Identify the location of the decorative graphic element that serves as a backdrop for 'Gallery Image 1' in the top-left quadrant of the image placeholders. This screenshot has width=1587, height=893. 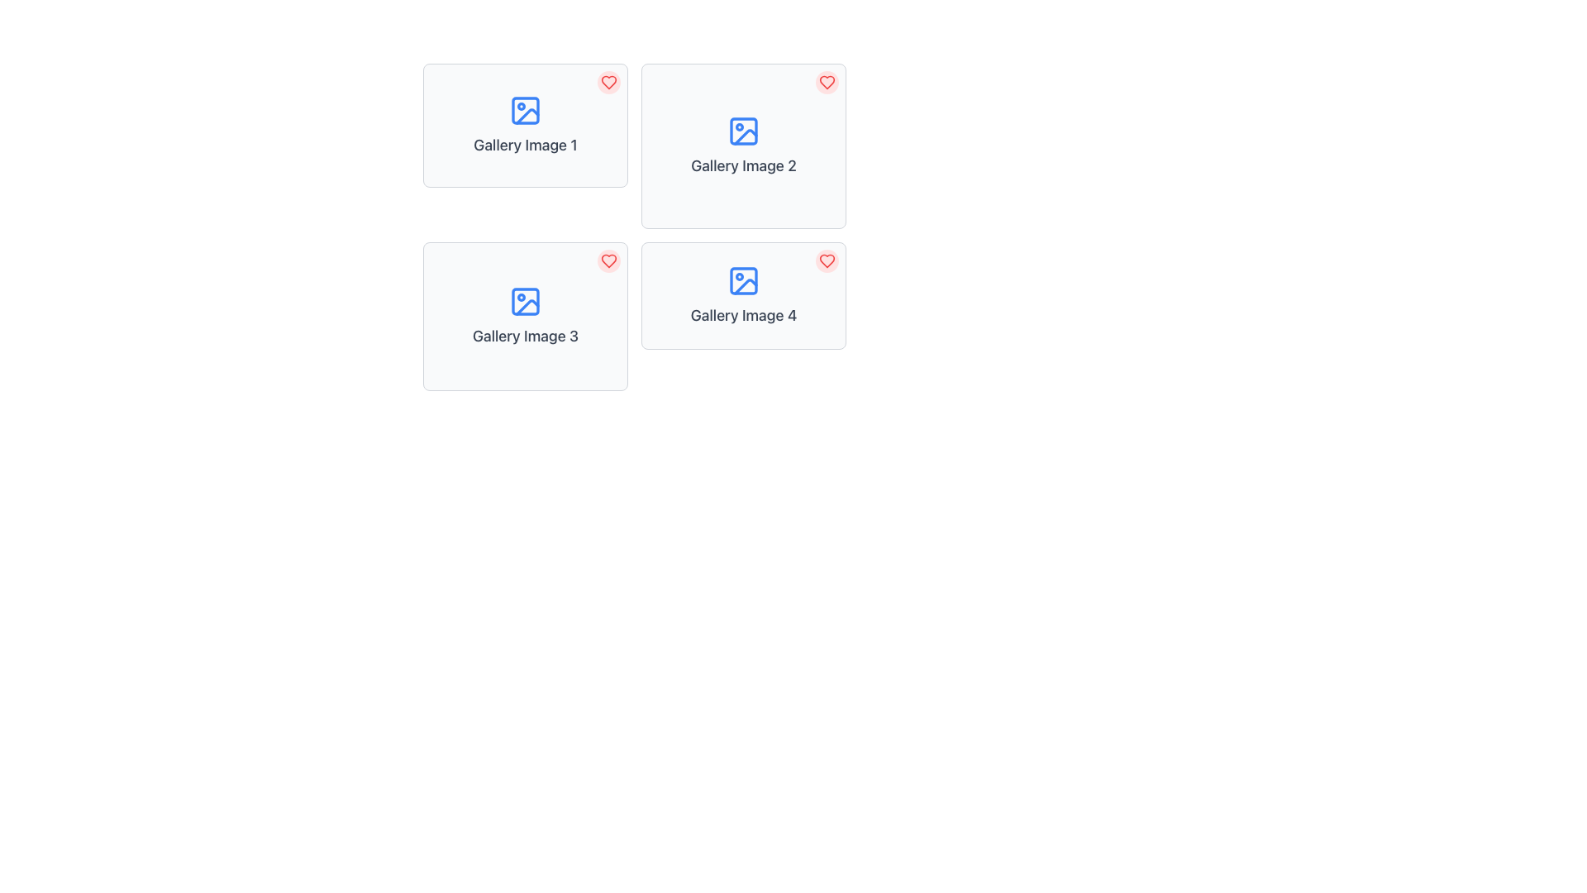
(524, 111).